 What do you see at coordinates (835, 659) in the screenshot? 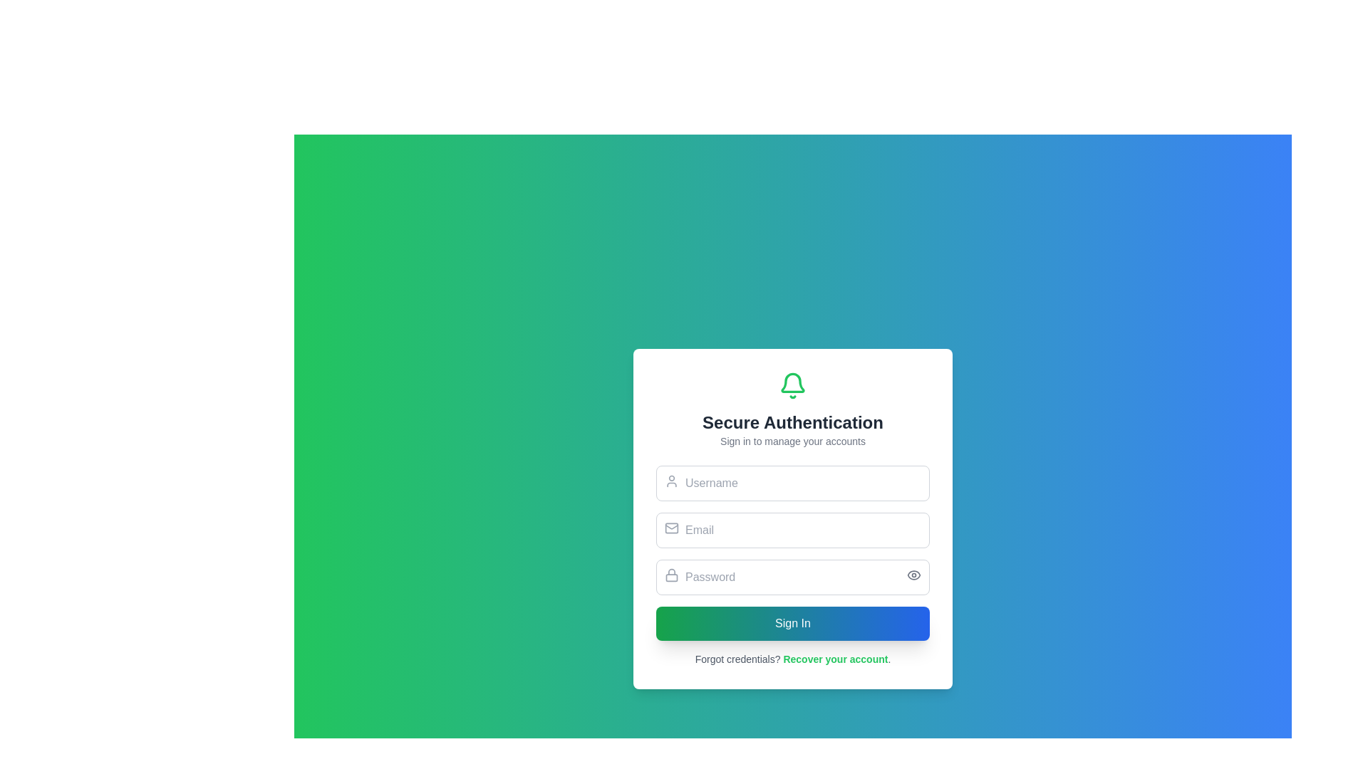
I see `the hyperlink that says 'Recover your account' located at the bottom of the login card` at bounding box center [835, 659].